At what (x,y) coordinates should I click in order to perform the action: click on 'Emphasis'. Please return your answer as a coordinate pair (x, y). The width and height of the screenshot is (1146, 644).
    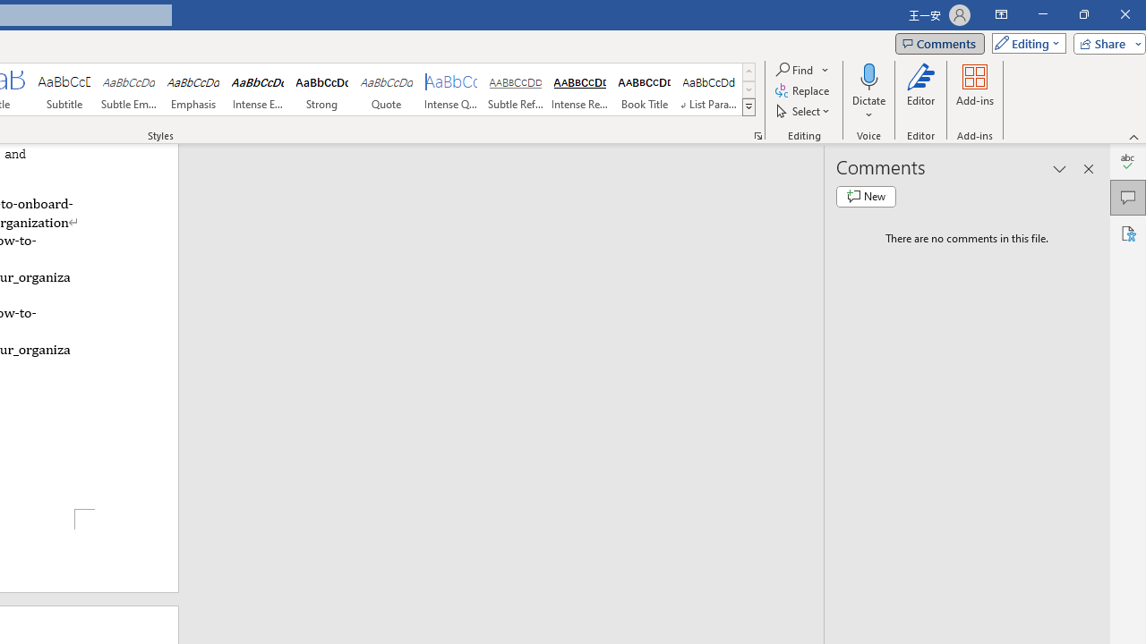
    Looking at the image, I should click on (193, 89).